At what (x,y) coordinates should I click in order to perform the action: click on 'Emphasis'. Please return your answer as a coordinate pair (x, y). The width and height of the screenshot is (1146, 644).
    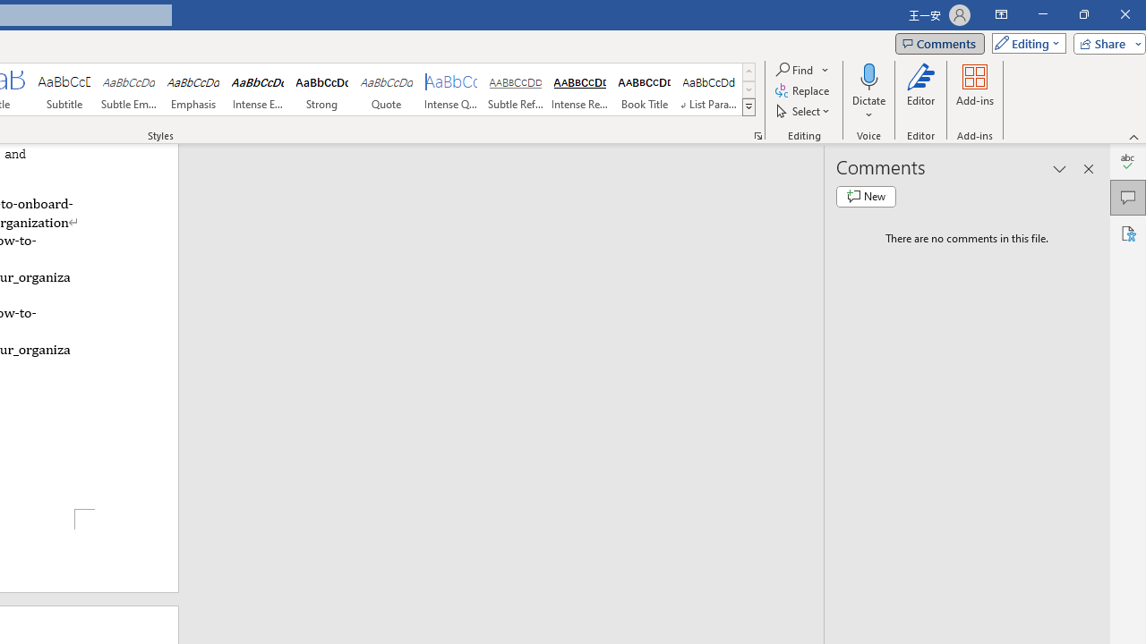
    Looking at the image, I should click on (193, 89).